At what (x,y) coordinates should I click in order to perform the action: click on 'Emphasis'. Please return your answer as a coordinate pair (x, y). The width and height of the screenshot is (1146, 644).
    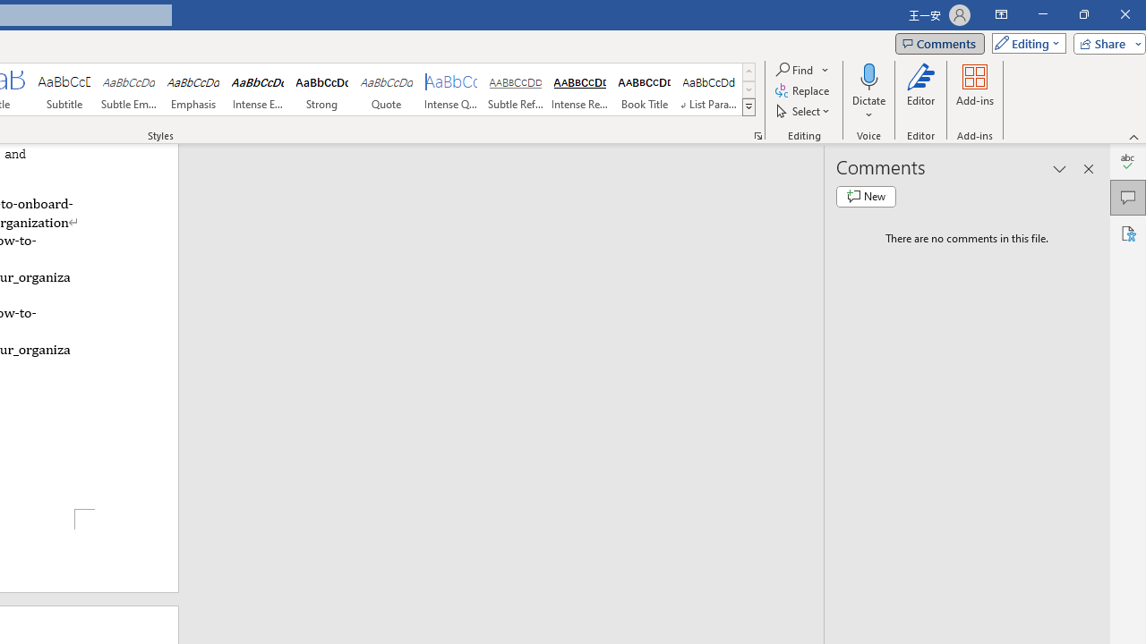
    Looking at the image, I should click on (193, 89).